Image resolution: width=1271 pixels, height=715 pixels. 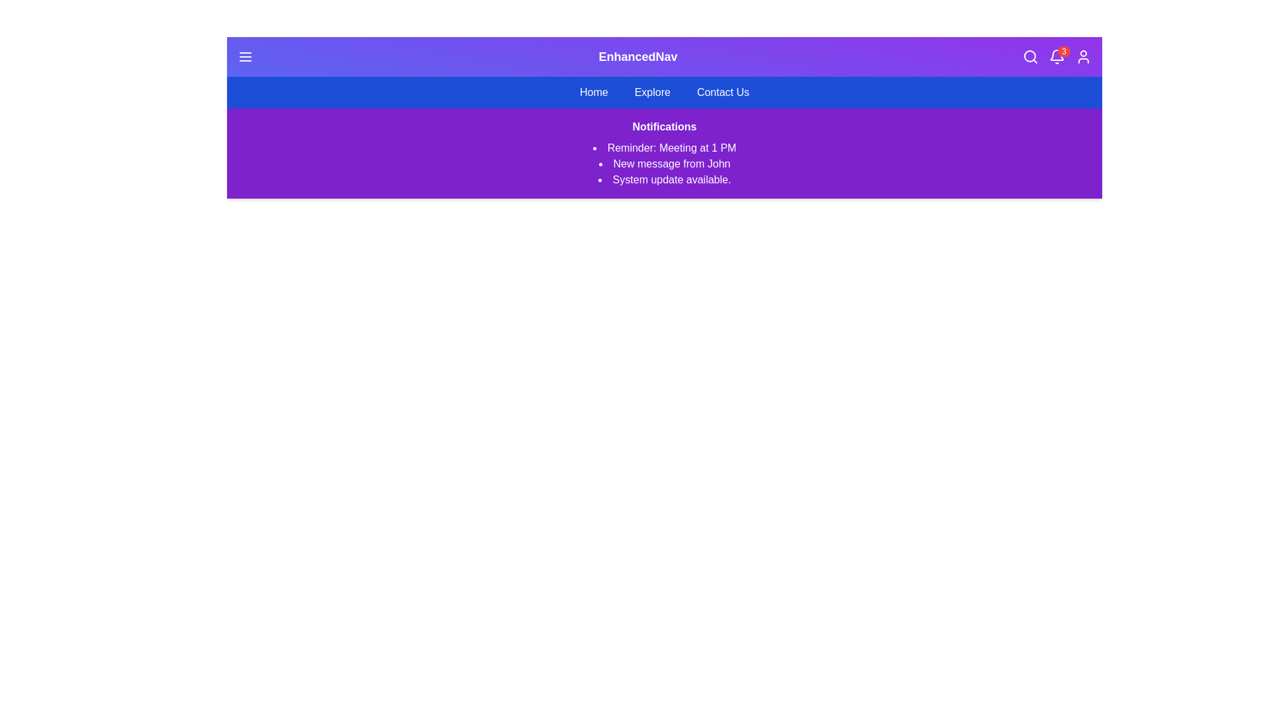 What do you see at coordinates (664, 163) in the screenshot?
I see `the unordered list that displays user notifications, positioned centrally below the 'Notifications' header` at bounding box center [664, 163].